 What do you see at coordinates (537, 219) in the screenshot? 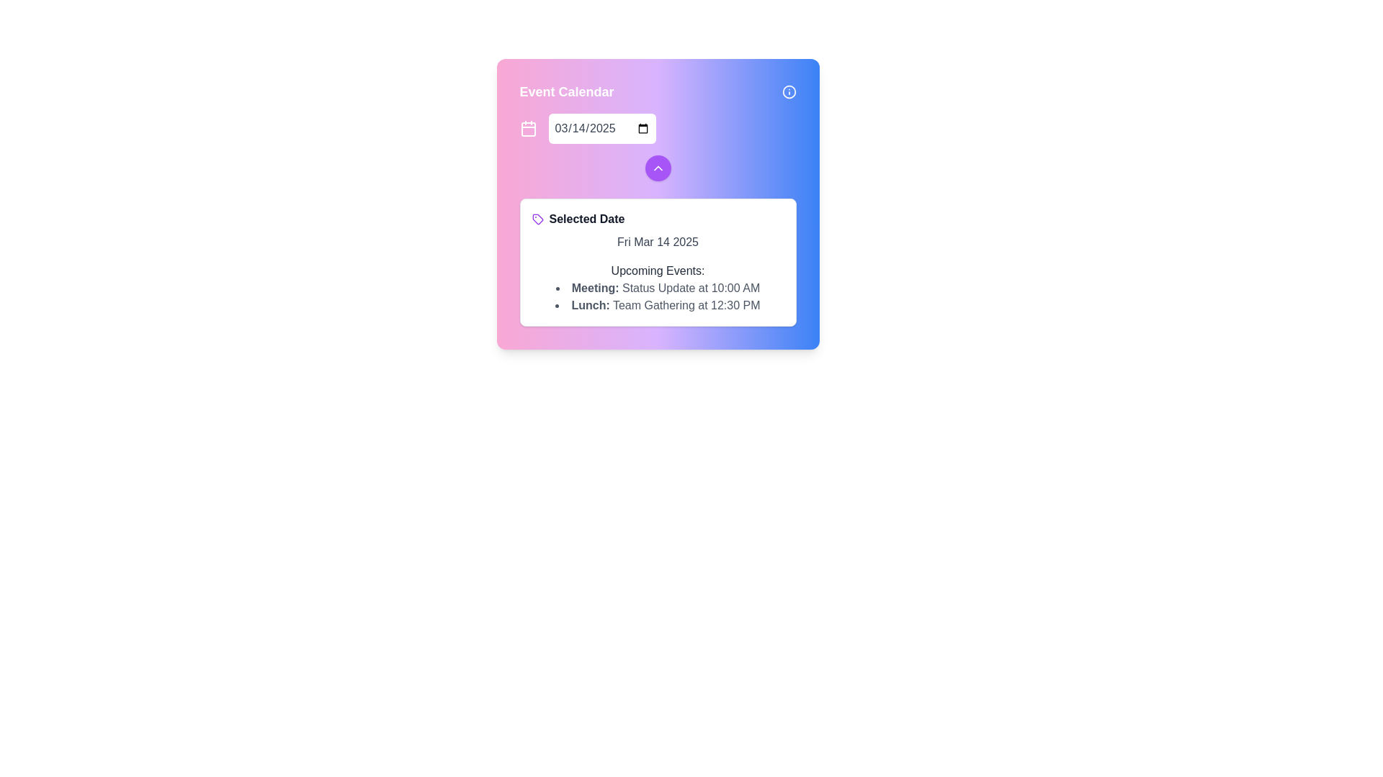
I see `the purple tag-shaped icon located near the top right of the calendar interface, beside the date text box` at bounding box center [537, 219].